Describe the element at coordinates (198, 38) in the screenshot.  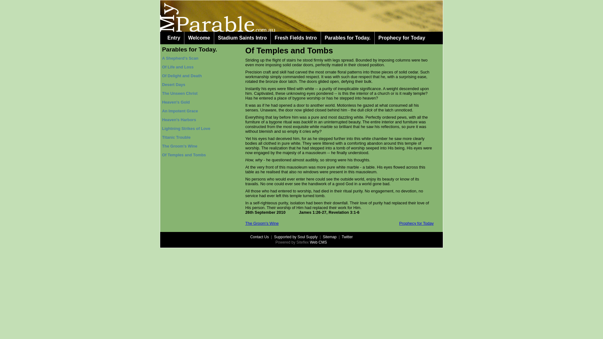
I see `'Welcome'` at that location.